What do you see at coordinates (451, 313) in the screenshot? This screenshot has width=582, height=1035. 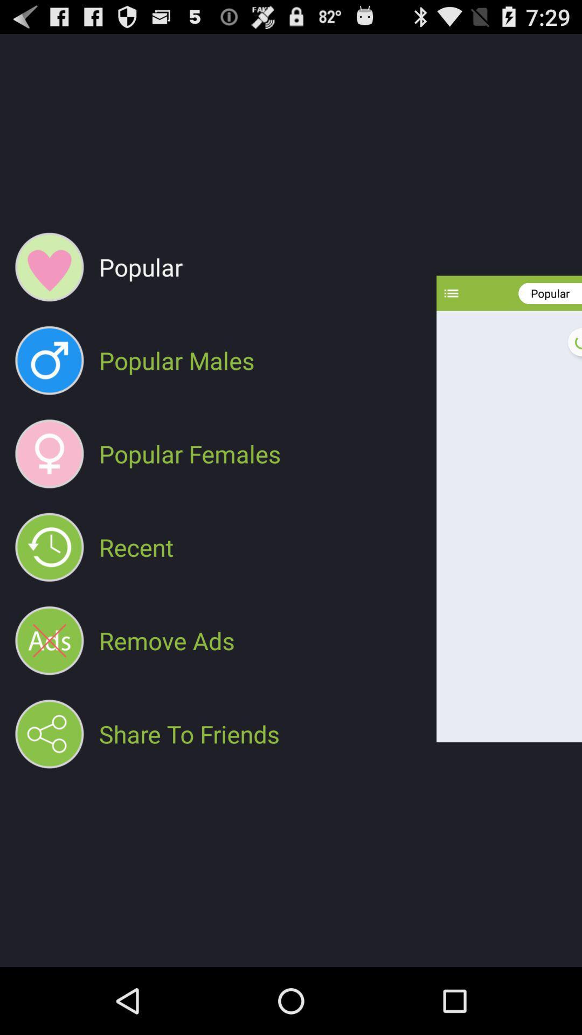 I see `the list icon` at bounding box center [451, 313].